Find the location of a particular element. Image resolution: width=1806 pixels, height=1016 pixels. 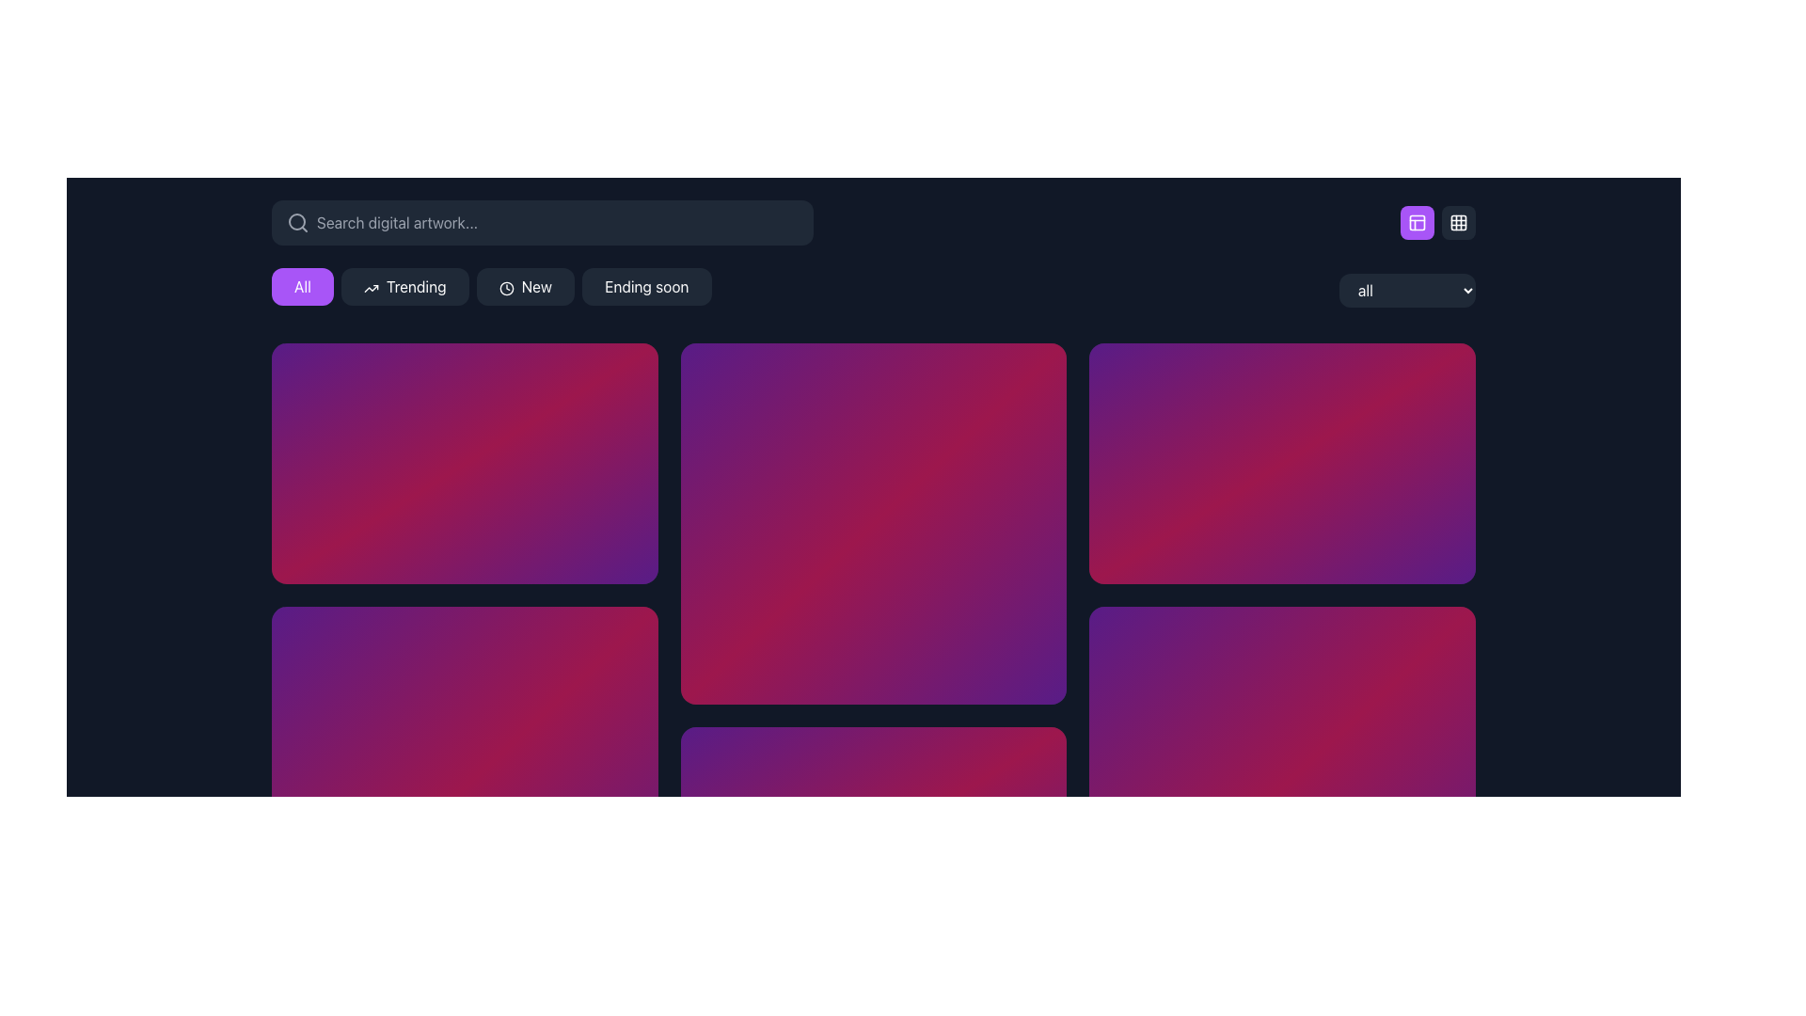

the leftmost button in a horizontal list is located at coordinates (302, 286).